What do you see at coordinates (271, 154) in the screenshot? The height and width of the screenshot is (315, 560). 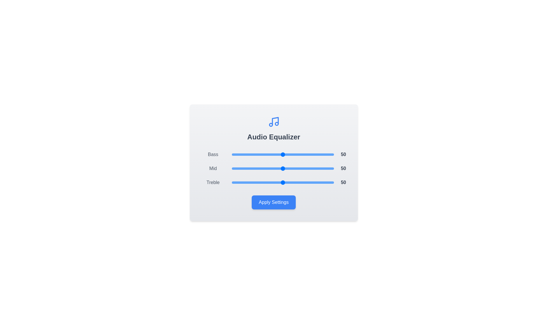 I see `the Bass slider to 39 percent` at bounding box center [271, 154].